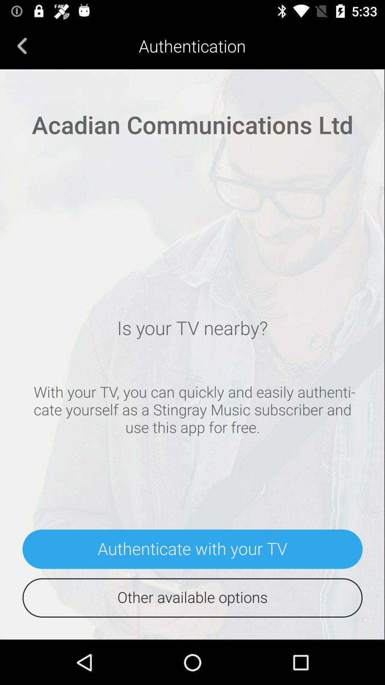 The height and width of the screenshot is (685, 385). Describe the element at coordinates (192, 598) in the screenshot. I see `the item below authenticate with your item` at that location.